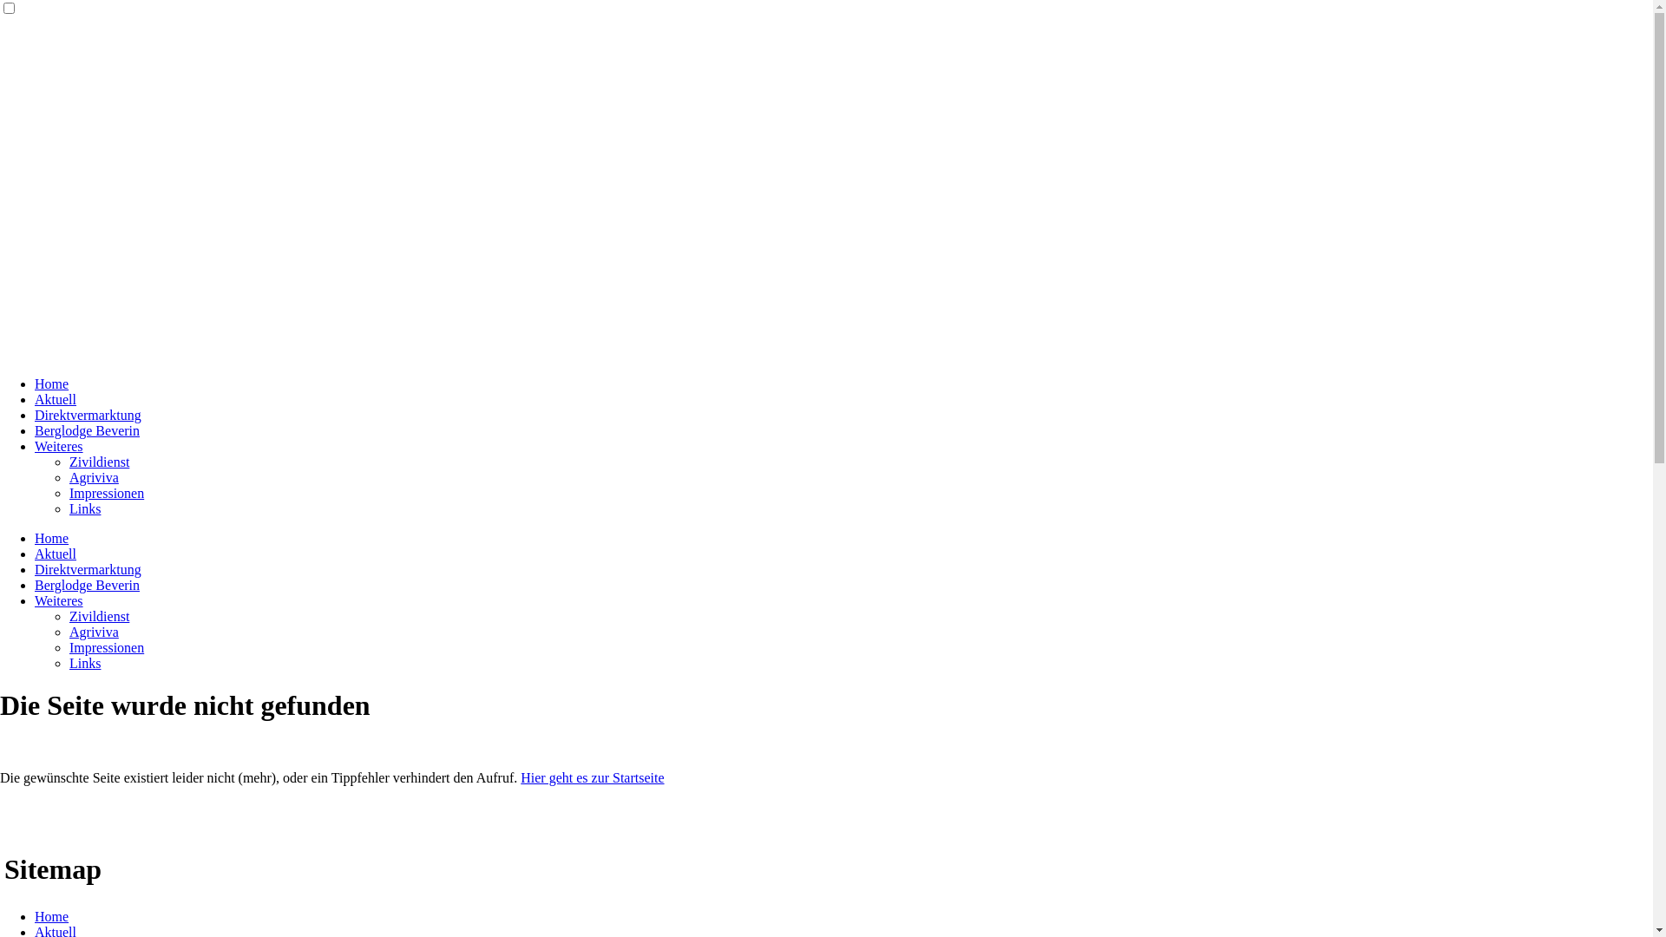 Image resolution: width=1666 pixels, height=937 pixels. I want to click on 'Zivildienst', so click(98, 615).